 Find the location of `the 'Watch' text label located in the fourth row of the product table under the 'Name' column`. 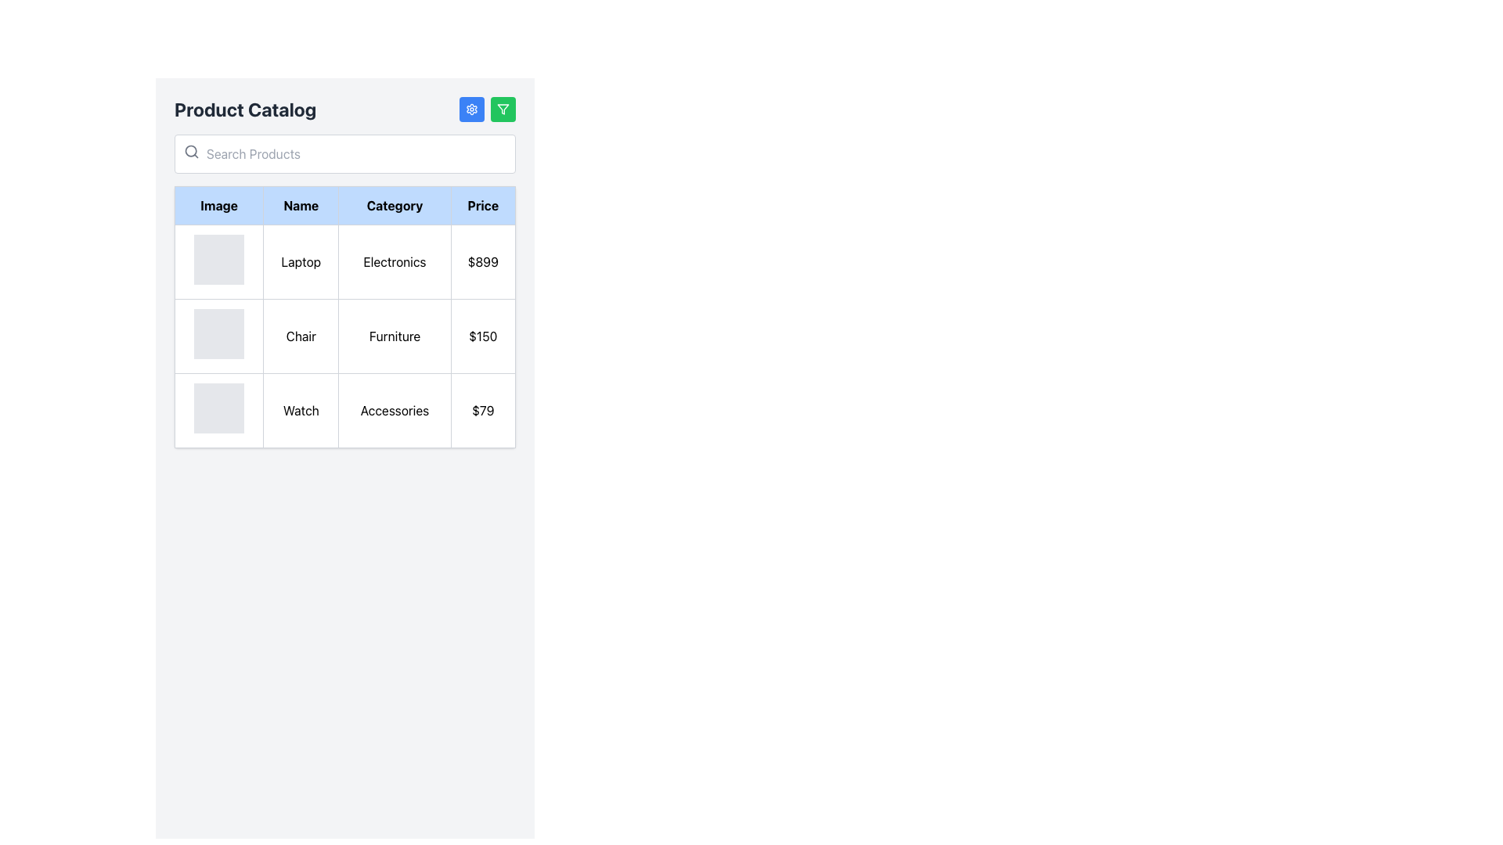

the 'Watch' text label located in the fourth row of the product table under the 'Name' column is located at coordinates (301, 409).